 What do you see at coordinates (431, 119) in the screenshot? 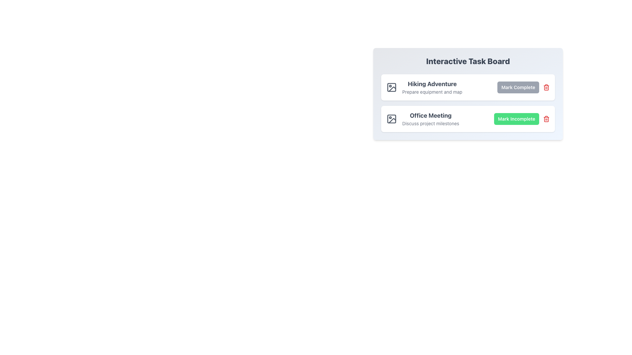
I see `the text label displaying 'Office Meeting' and 'Discuss project milestones', located in the second row of a vertical list in the task board, between an image icon and a green button labeled 'Mark Incomplete'` at bounding box center [431, 119].